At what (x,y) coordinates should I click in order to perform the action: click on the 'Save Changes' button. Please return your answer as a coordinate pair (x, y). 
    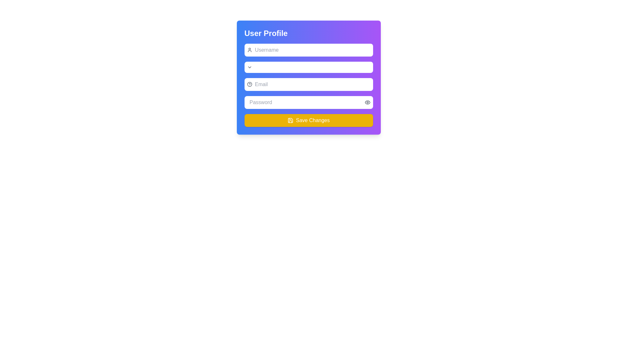
    Looking at the image, I should click on (308, 120).